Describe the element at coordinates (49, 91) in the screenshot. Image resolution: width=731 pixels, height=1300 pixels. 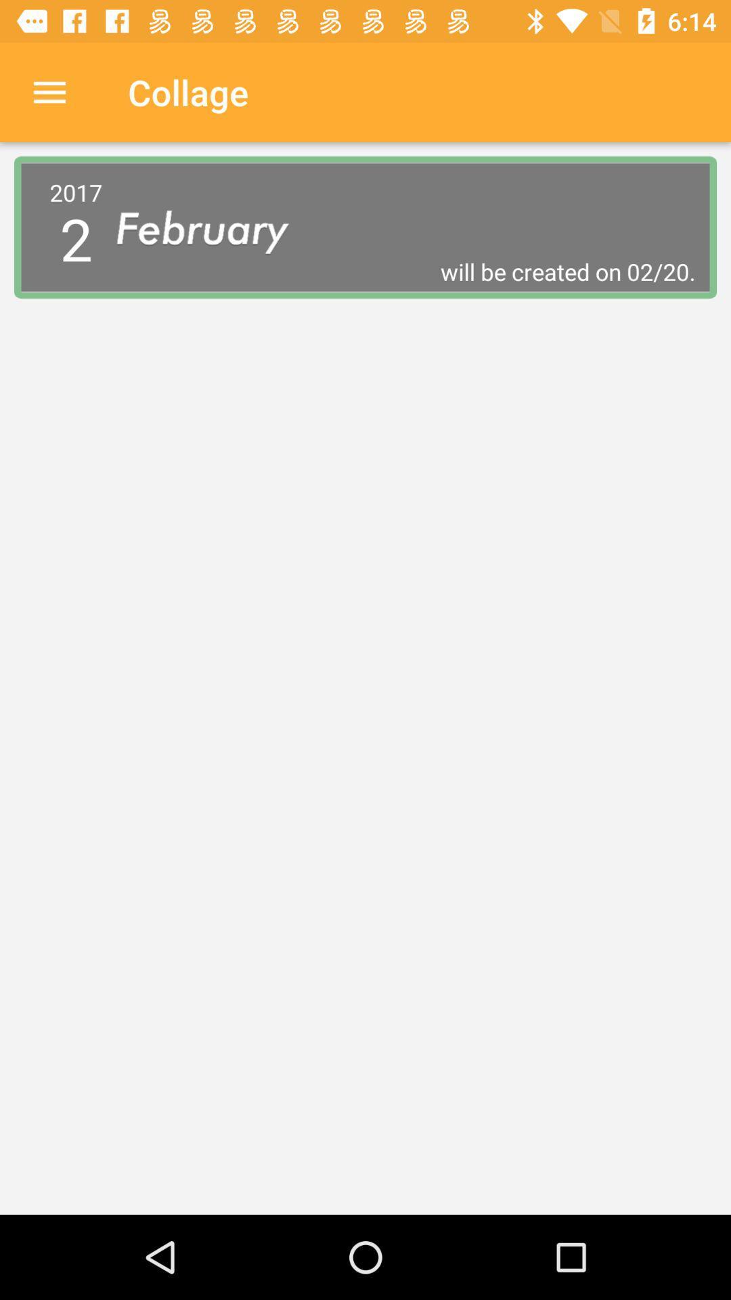
I see `icon to the left of collage icon` at that location.